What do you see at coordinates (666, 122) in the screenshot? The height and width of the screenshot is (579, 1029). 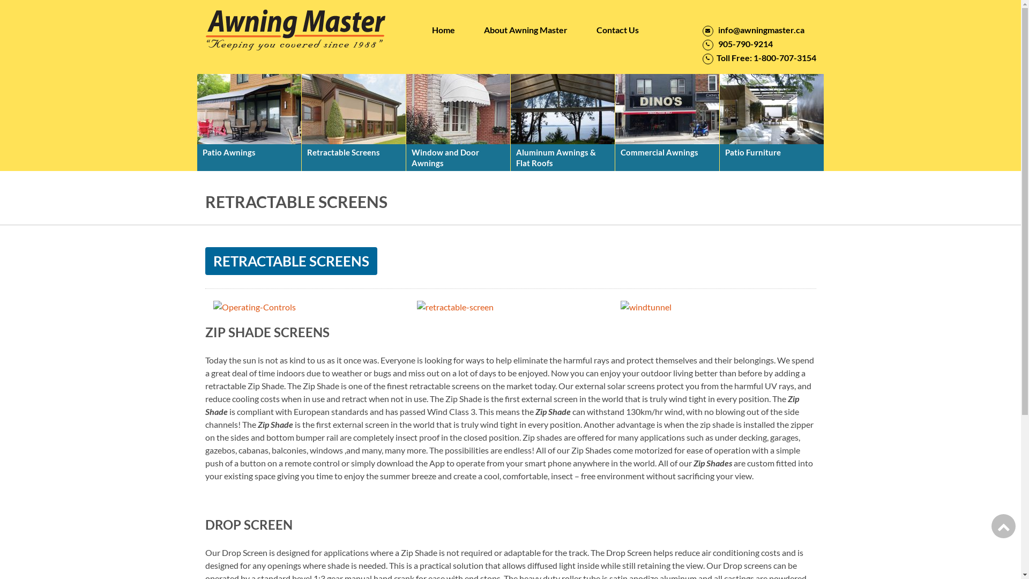 I see `'Commercial Awnings'` at bounding box center [666, 122].